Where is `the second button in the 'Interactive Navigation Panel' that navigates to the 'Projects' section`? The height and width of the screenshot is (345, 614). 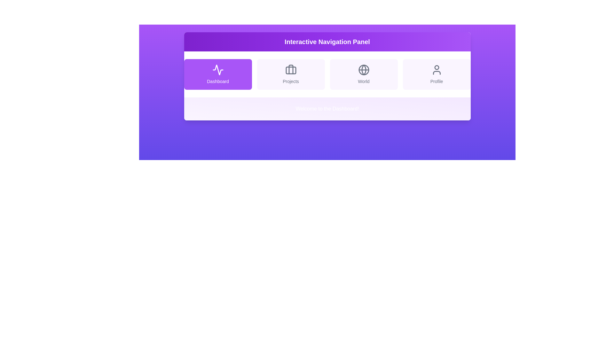
the second button in the 'Interactive Navigation Panel' that navigates to the 'Projects' section is located at coordinates (290, 74).